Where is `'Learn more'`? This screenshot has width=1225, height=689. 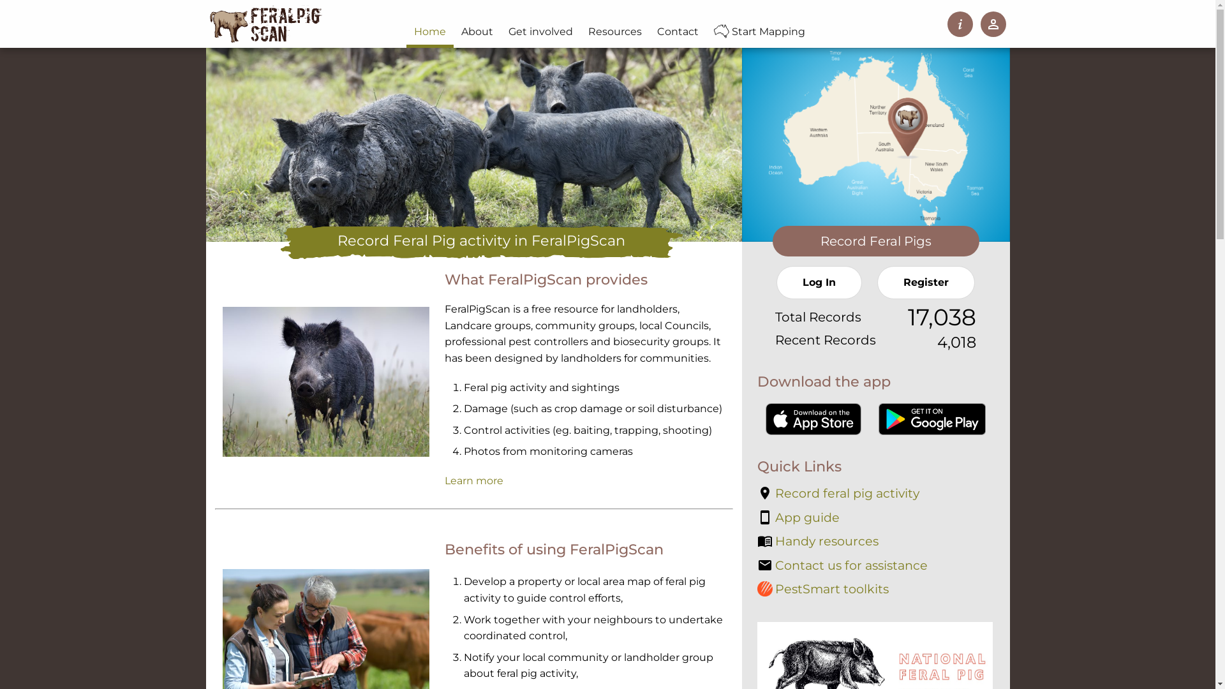
'Learn more' is located at coordinates (473, 480).